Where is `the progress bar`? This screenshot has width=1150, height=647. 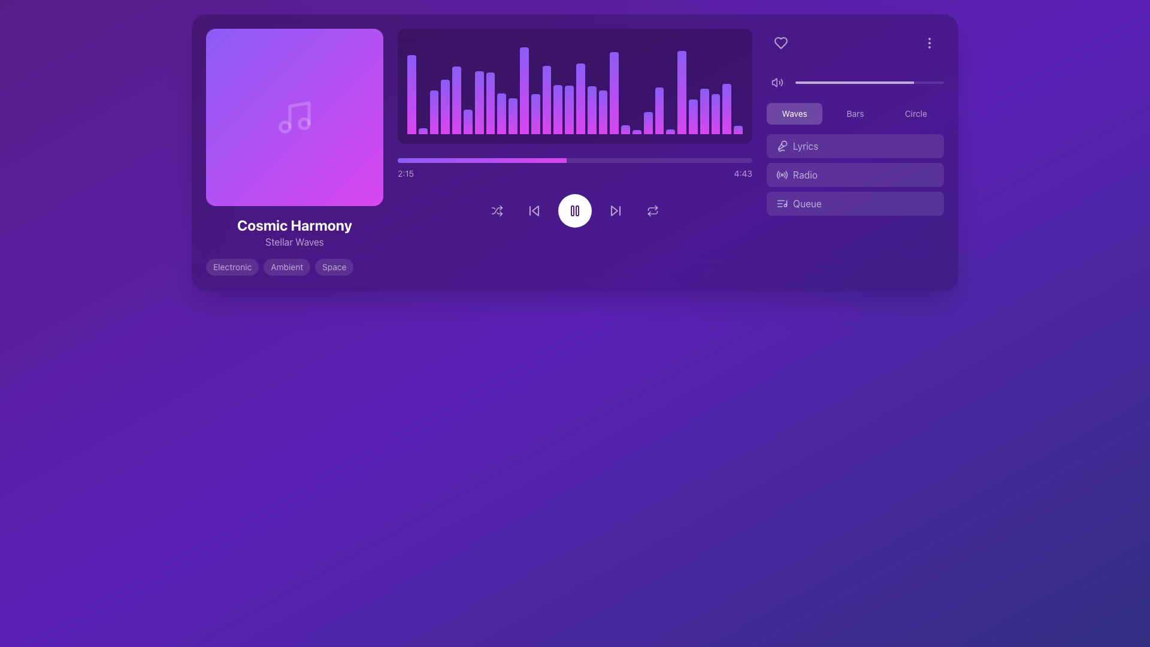
the progress bar is located at coordinates (706, 159).